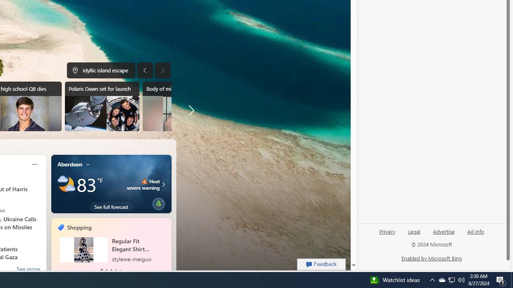  Describe the element at coordinates (143, 184) in the screenshot. I see `'Heat - Severe Heat severe warning'` at that location.